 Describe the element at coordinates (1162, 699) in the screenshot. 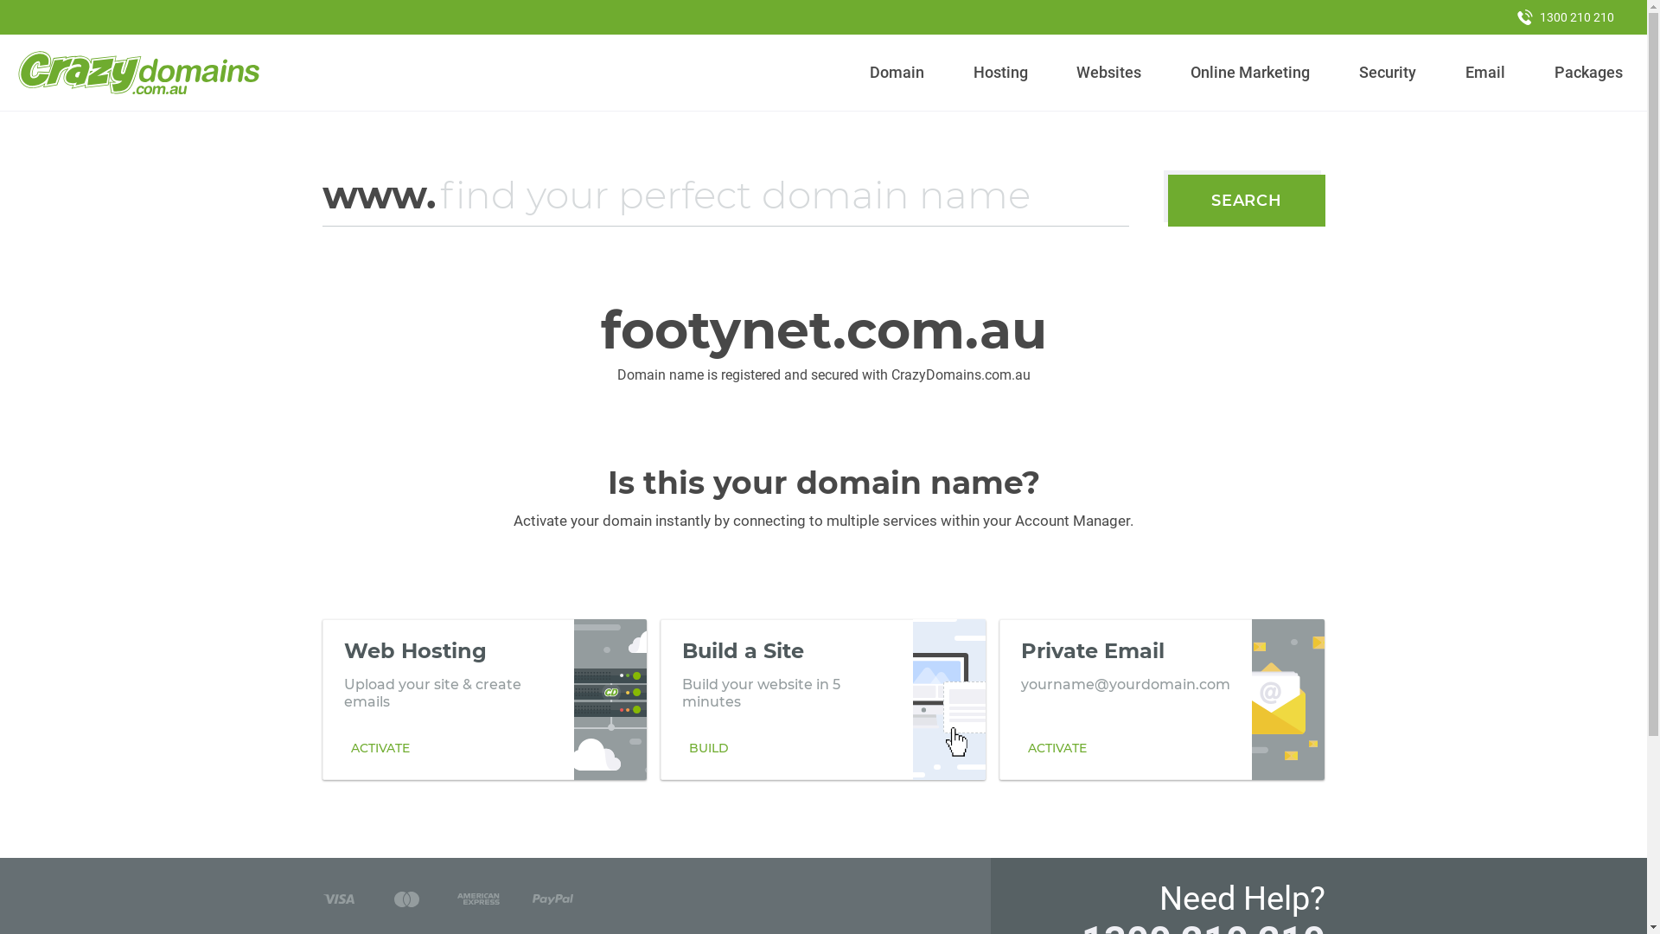

I see `'Private Email` at that location.